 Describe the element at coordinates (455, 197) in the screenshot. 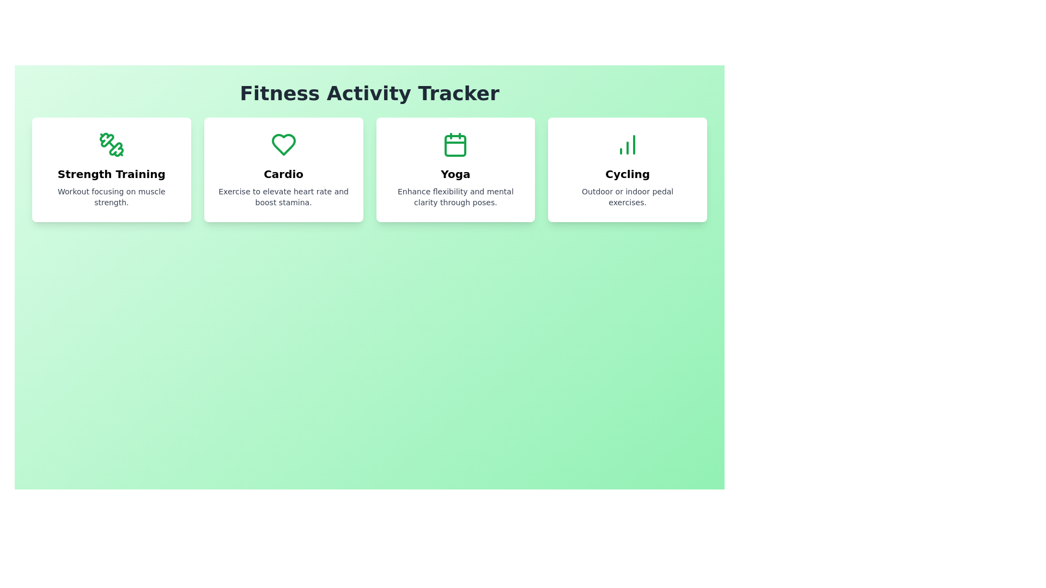

I see `static text that states 'Enhance flexibility and mental clarity through poses.' located beneath the 'Yoga' header within the bordered card-like area` at that location.